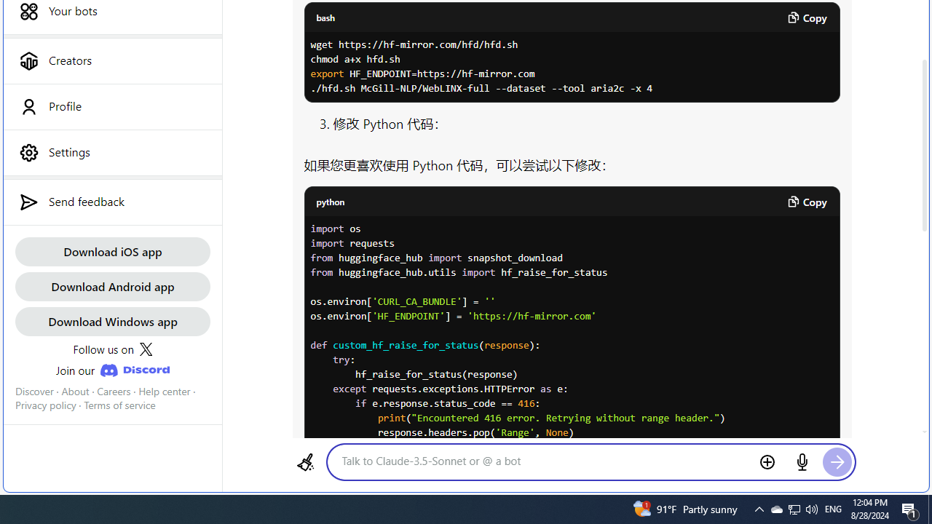  Describe the element at coordinates (134, 370) in the screenshot. I see `'Class: JoinDiscordLink_discordIcon__Xw13A'` at that location.